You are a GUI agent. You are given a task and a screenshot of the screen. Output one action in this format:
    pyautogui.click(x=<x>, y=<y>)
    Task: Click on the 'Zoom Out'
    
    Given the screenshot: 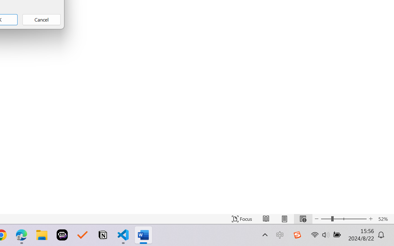 What is the action you would take?
    pyautogui.click(x=326, y=219)
    